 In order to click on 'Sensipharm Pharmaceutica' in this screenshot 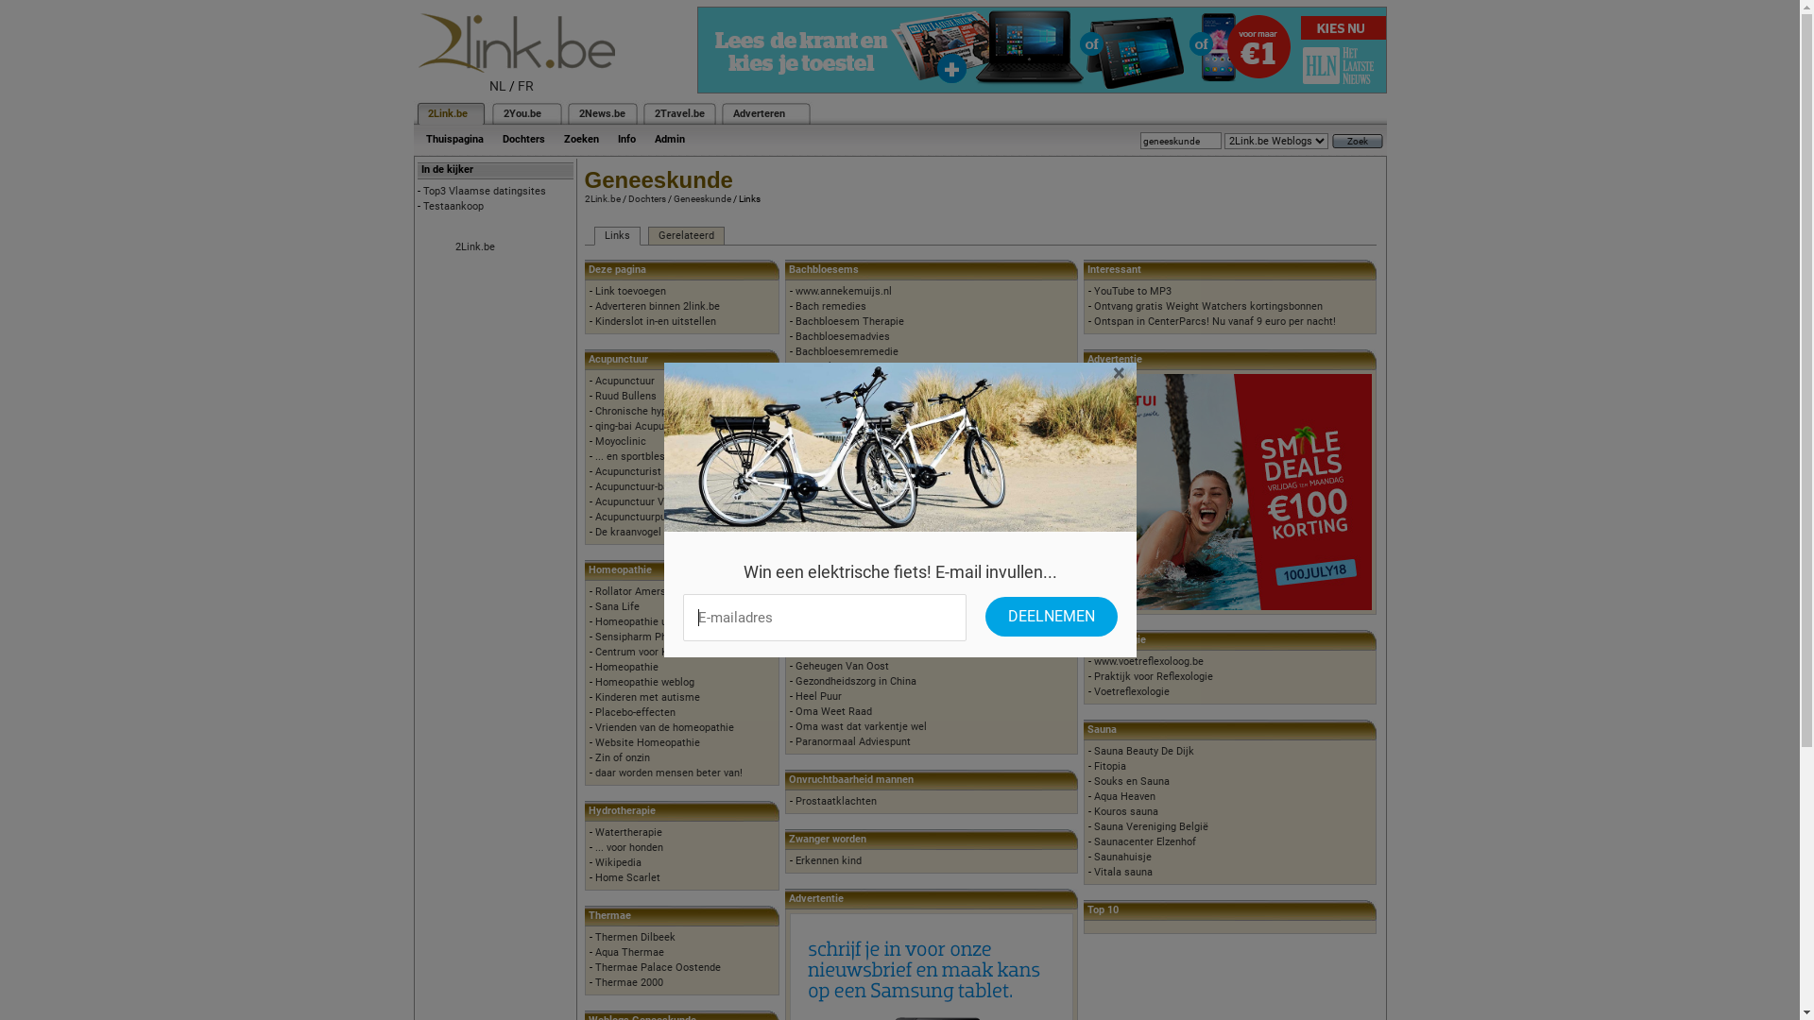, I will do `click(593, 637)`.